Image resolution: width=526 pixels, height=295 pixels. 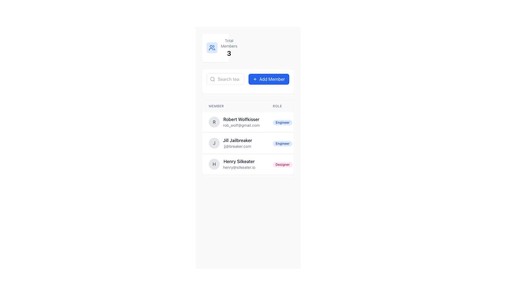 I want to click on the second user display card in the members list, which displays user information and is located below 'Robert Wolfkisser', so click(x=234, y=143).